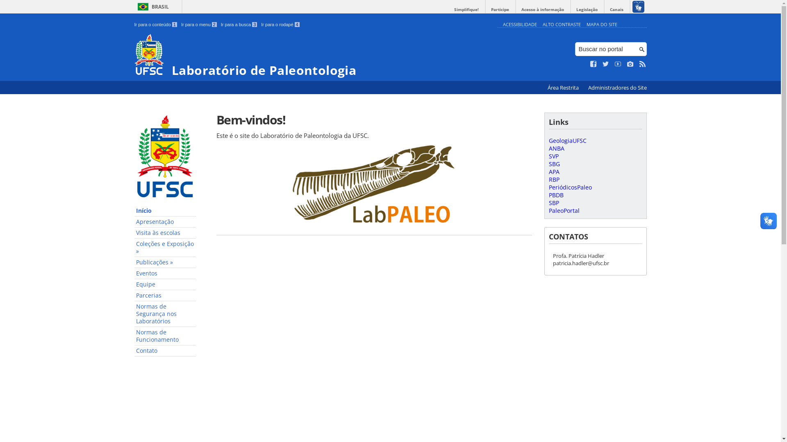 Image resolution: width=787 pixels, height=442 pixels. I want to click on 'Siga no Twitter', so click(606, 64).